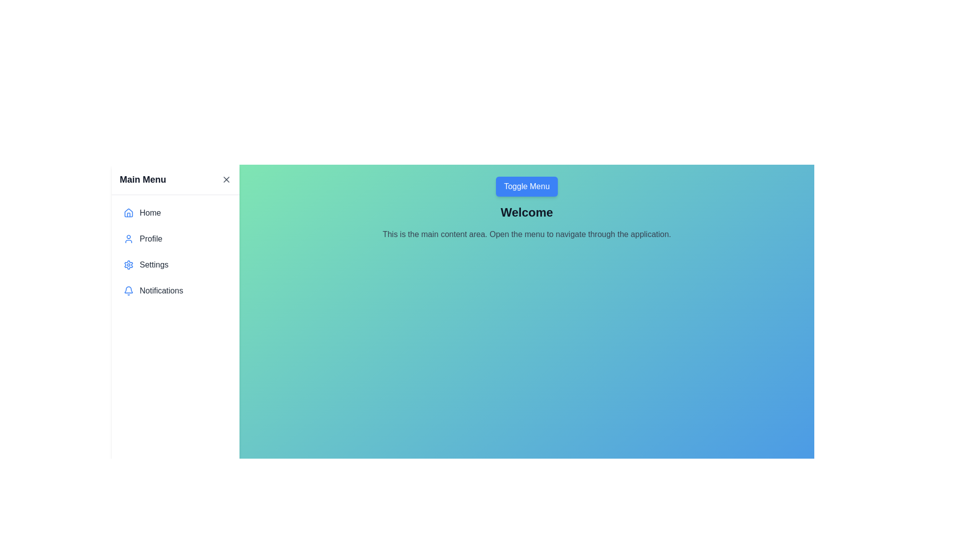 The image size is (958, 539). Describe the element at coordinates (175, 239) in the screenshot. I see `the 'Profile' navigation menu item located in the left-hand side menu, which is the second item below 'Home' and above 'Settings'` at that location.